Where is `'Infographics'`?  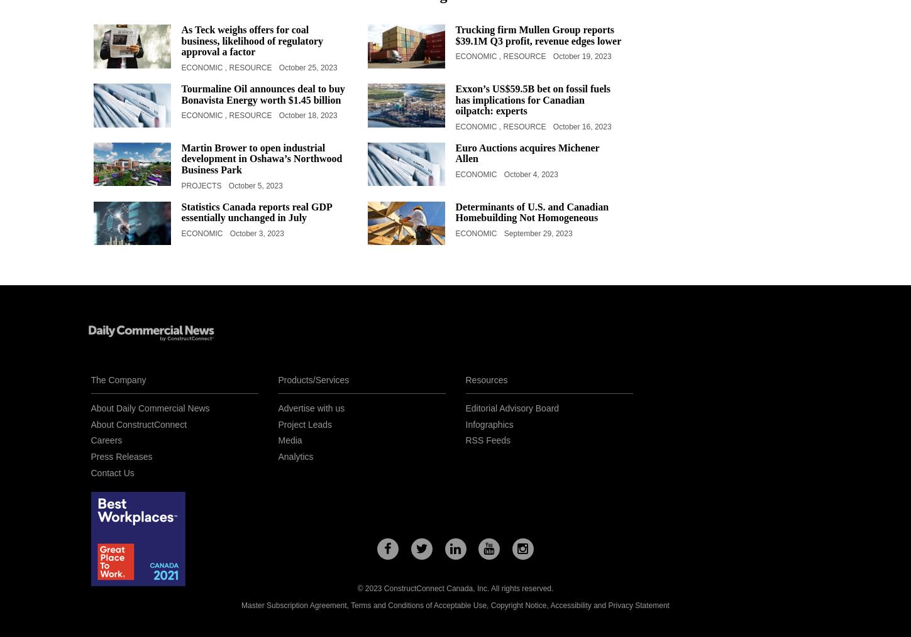 'Infographics' is located at coordinates (488, 424).